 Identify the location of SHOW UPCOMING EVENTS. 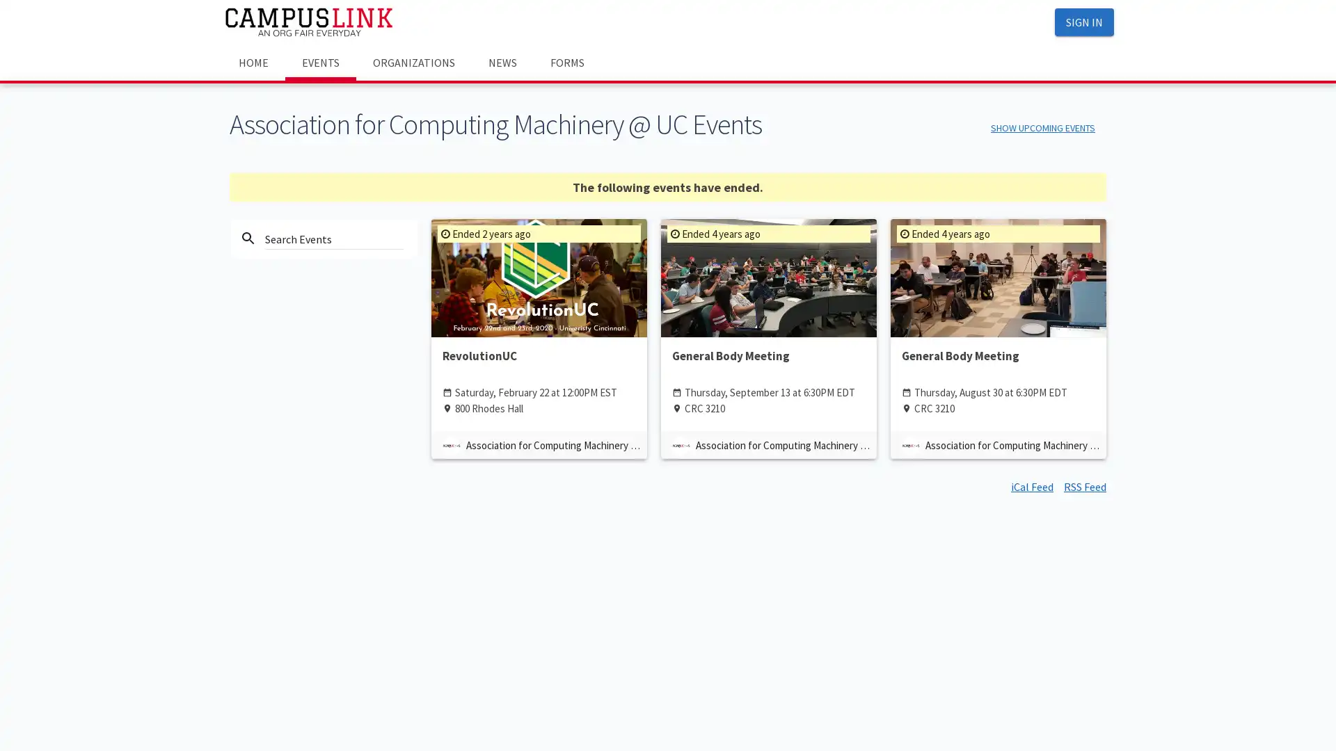
(1042, 127).